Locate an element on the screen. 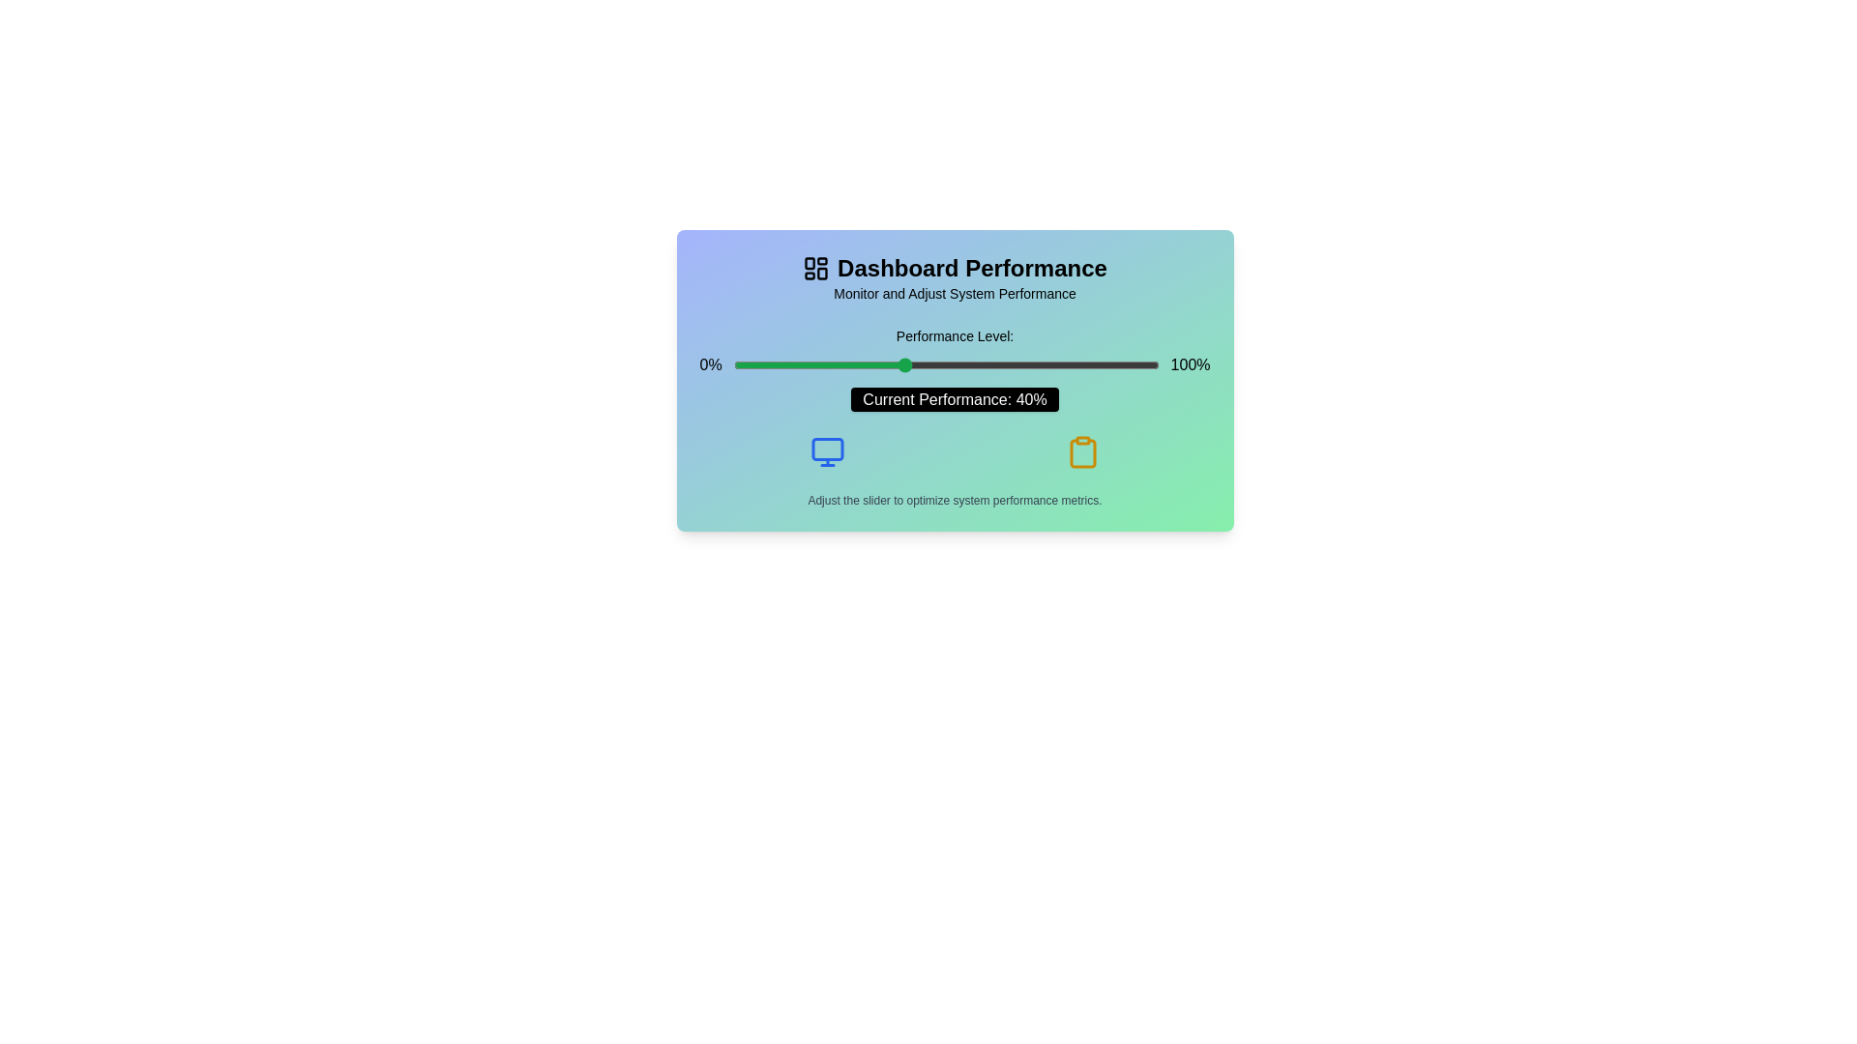 This screenshot has width=1857, height=1044. the slider to set the performance level to 22% is located at coordinates (827, 365).